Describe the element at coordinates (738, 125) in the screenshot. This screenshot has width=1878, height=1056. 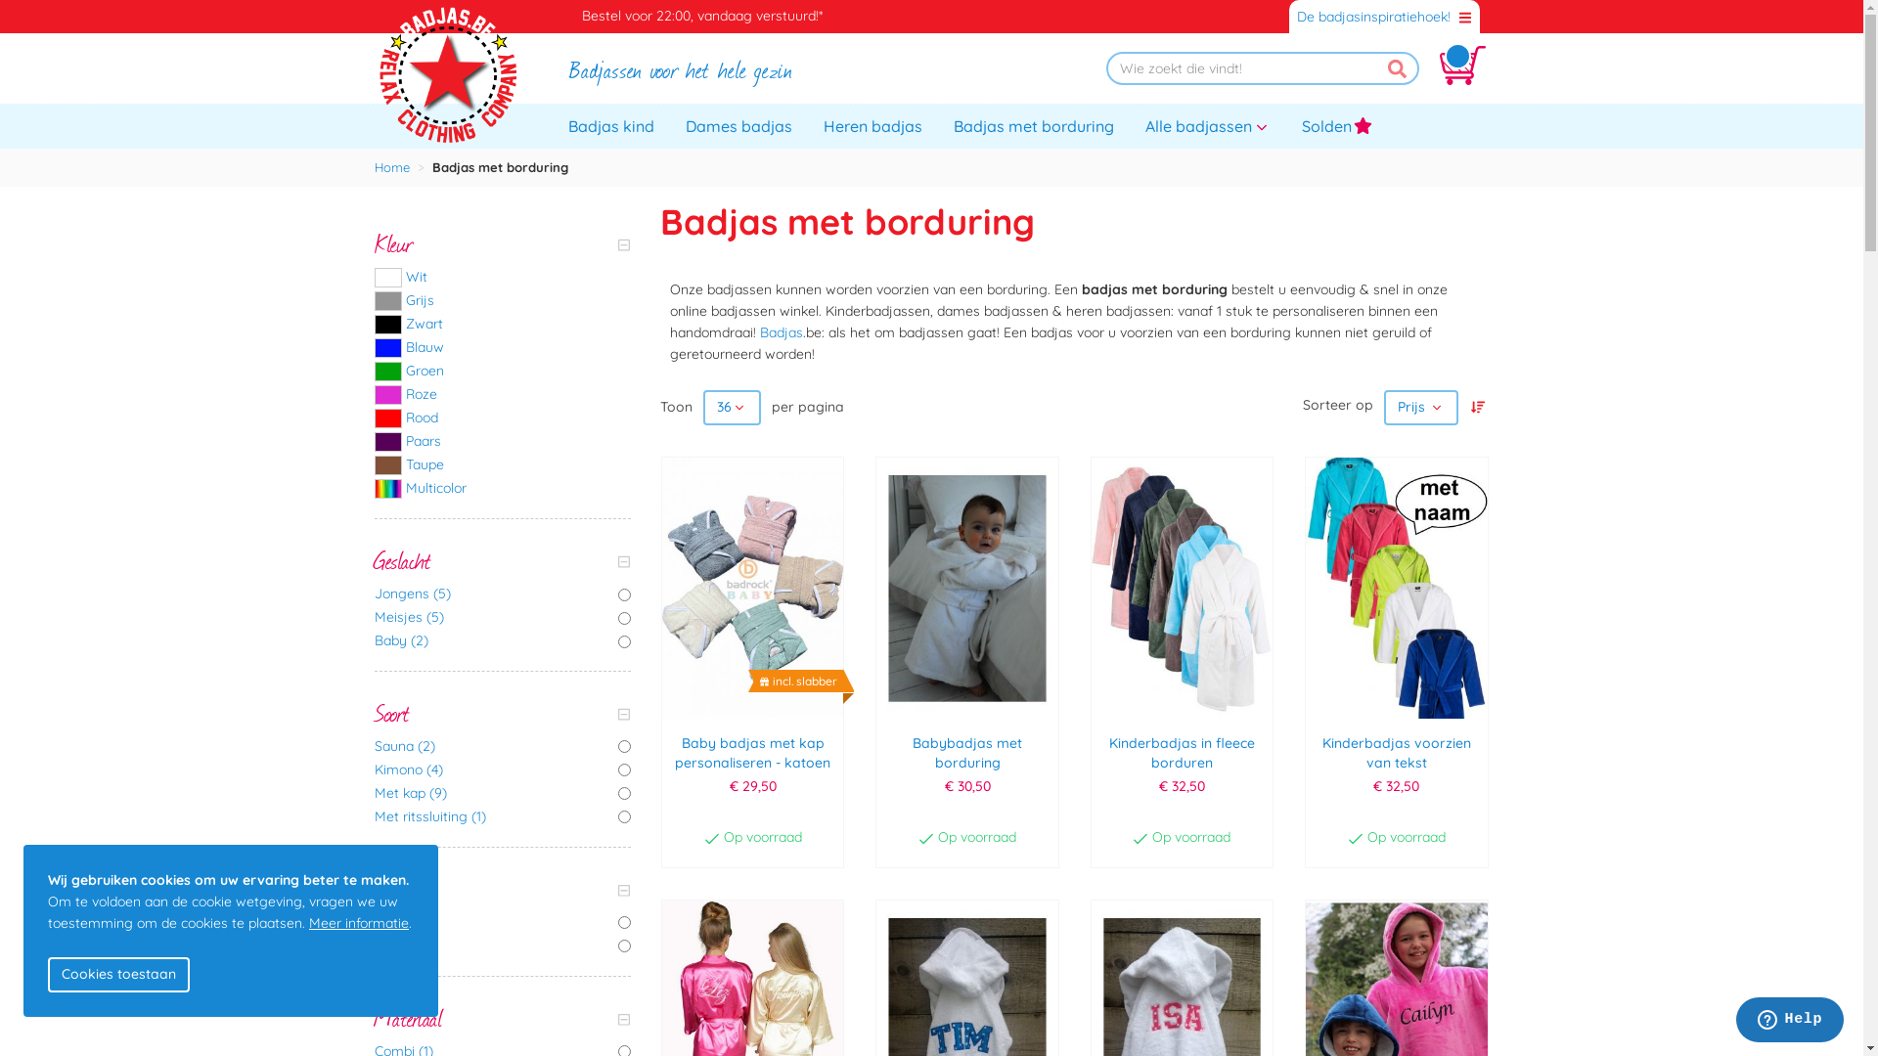
I see `'Dames badjas'` at that location.